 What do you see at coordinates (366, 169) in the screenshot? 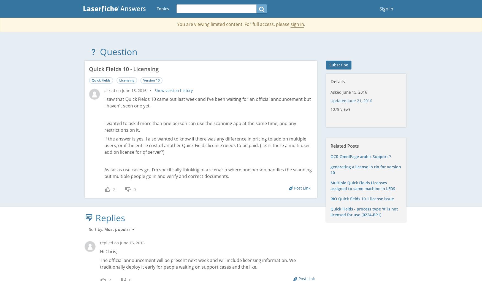
I see `'generating a license in rio for version 10'` at bounding box center [366, 169].